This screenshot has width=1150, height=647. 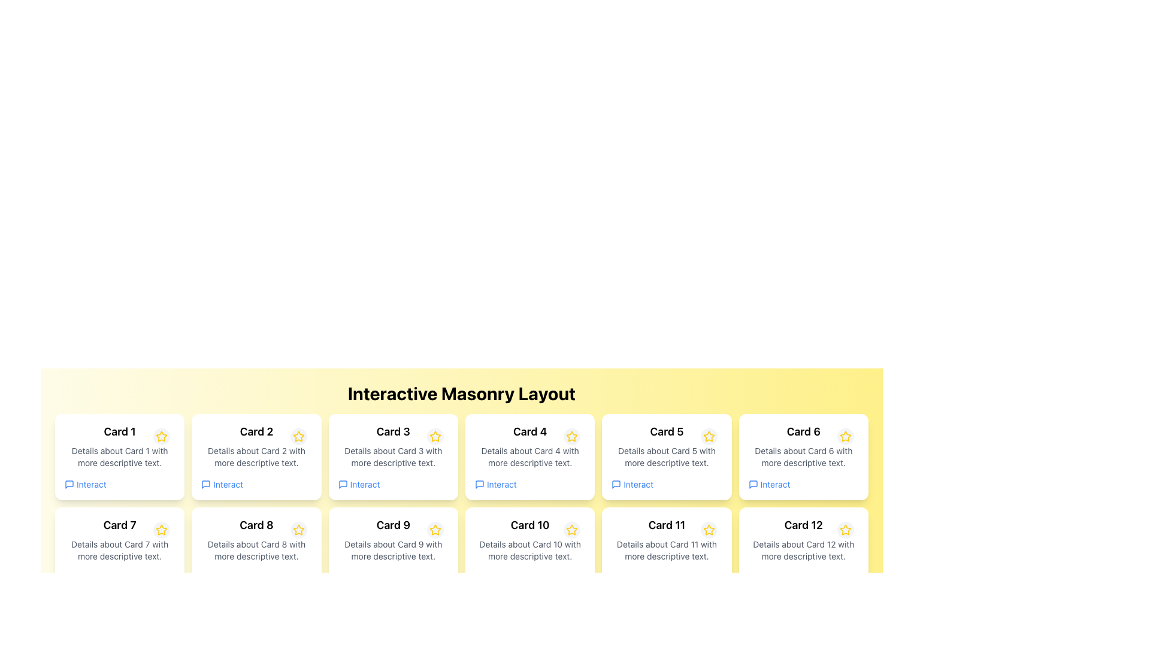 I want to click on the message square or comment bubble SVG icon located above the 'Interact' text link on the first card in the grid layout, so click(x=68, y=484).